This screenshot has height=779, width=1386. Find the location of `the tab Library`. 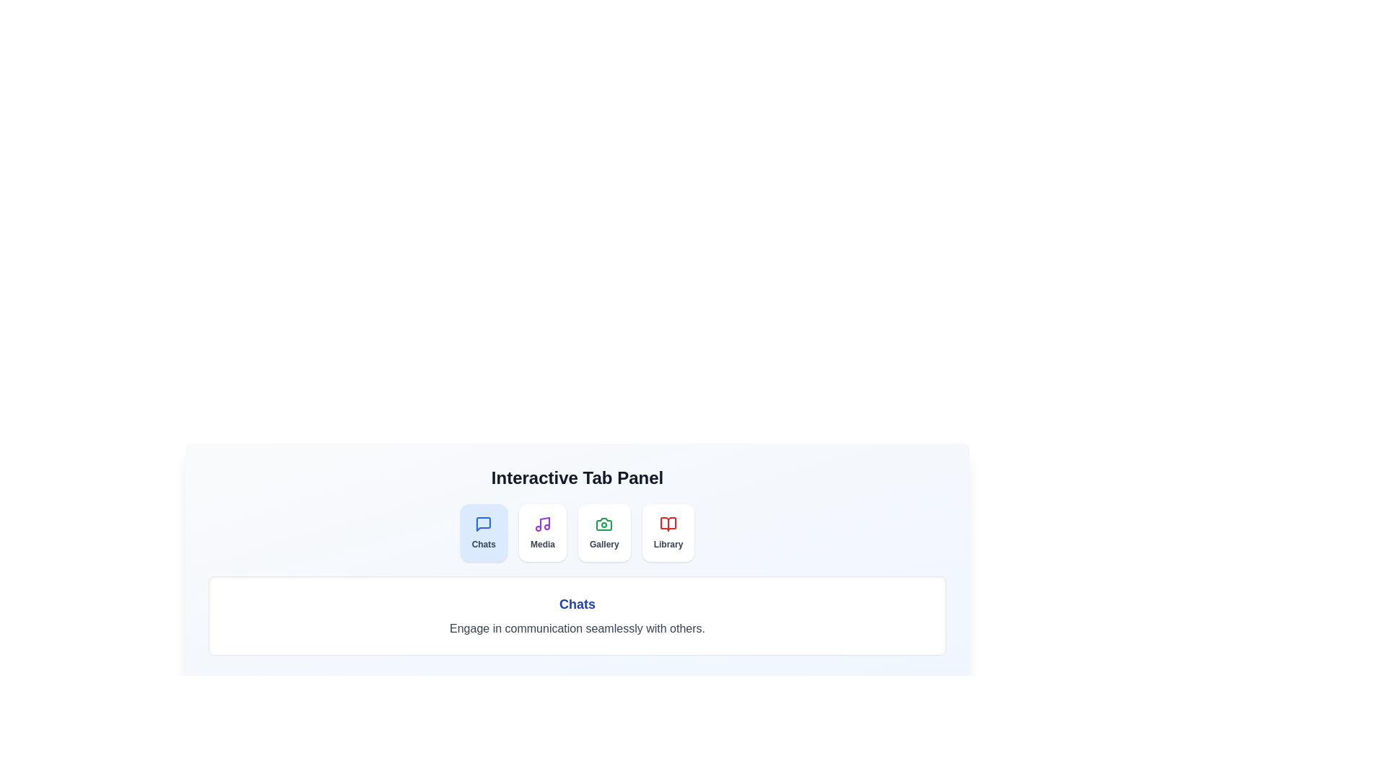

the tab Library is located at coordinates (668, 533).